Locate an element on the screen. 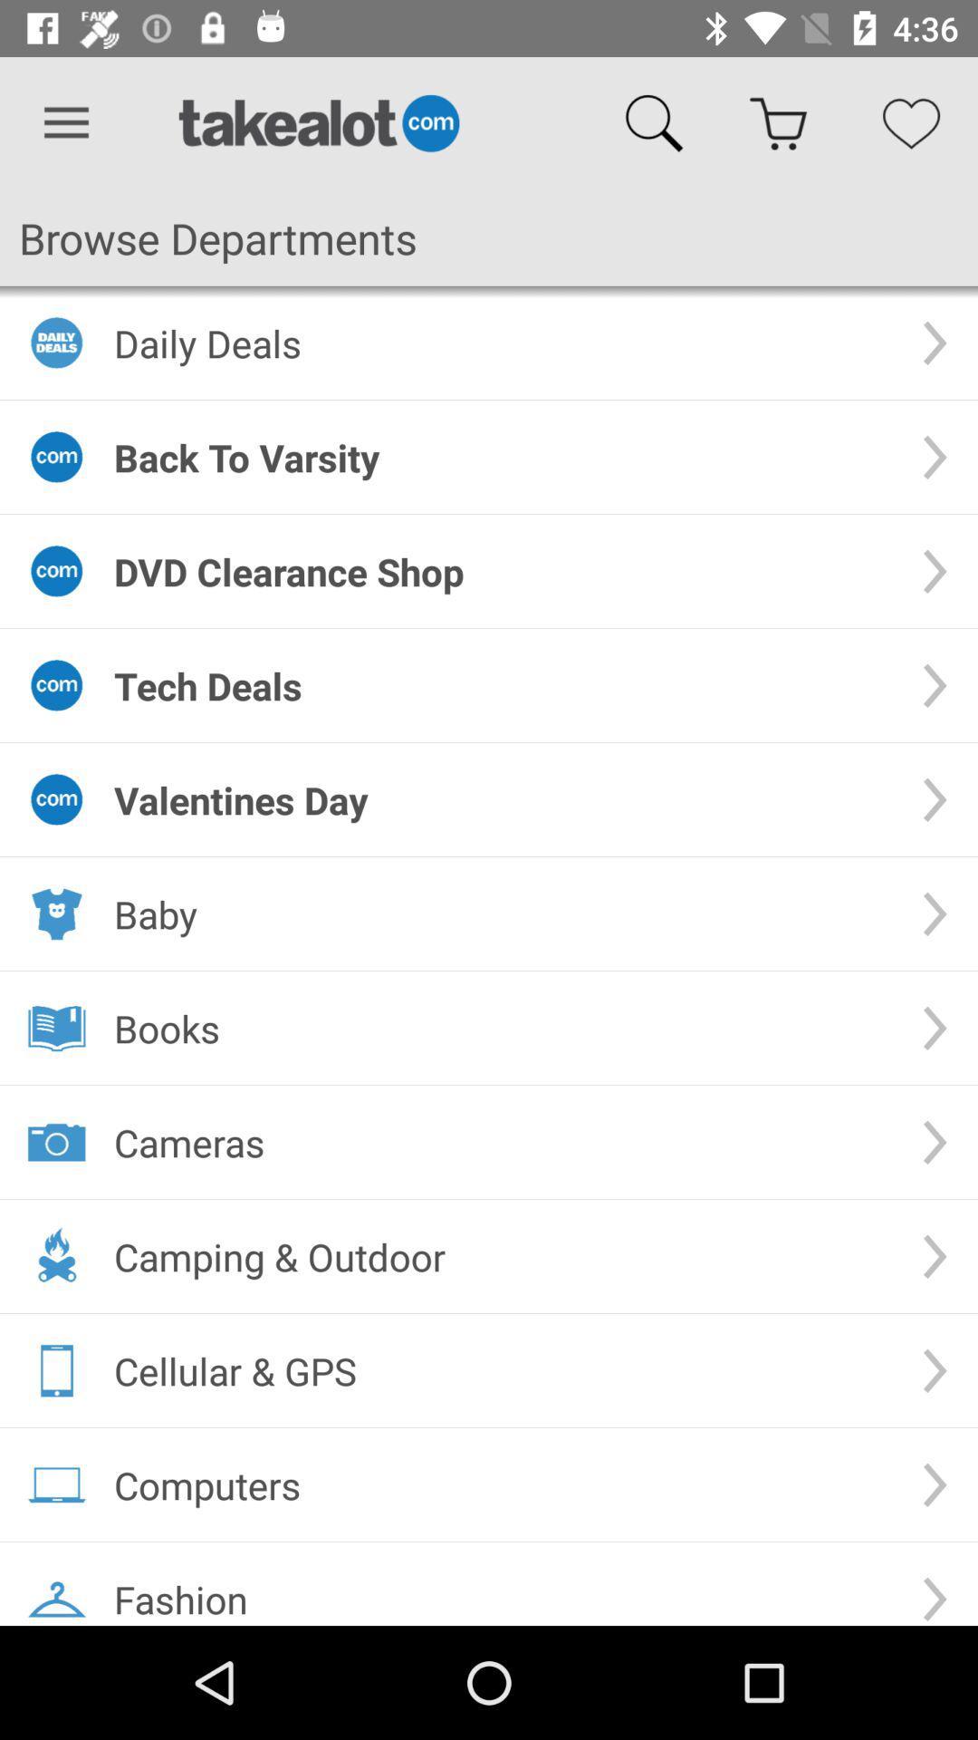  the icon above browse departments icon is located at coordinates (65, 122).